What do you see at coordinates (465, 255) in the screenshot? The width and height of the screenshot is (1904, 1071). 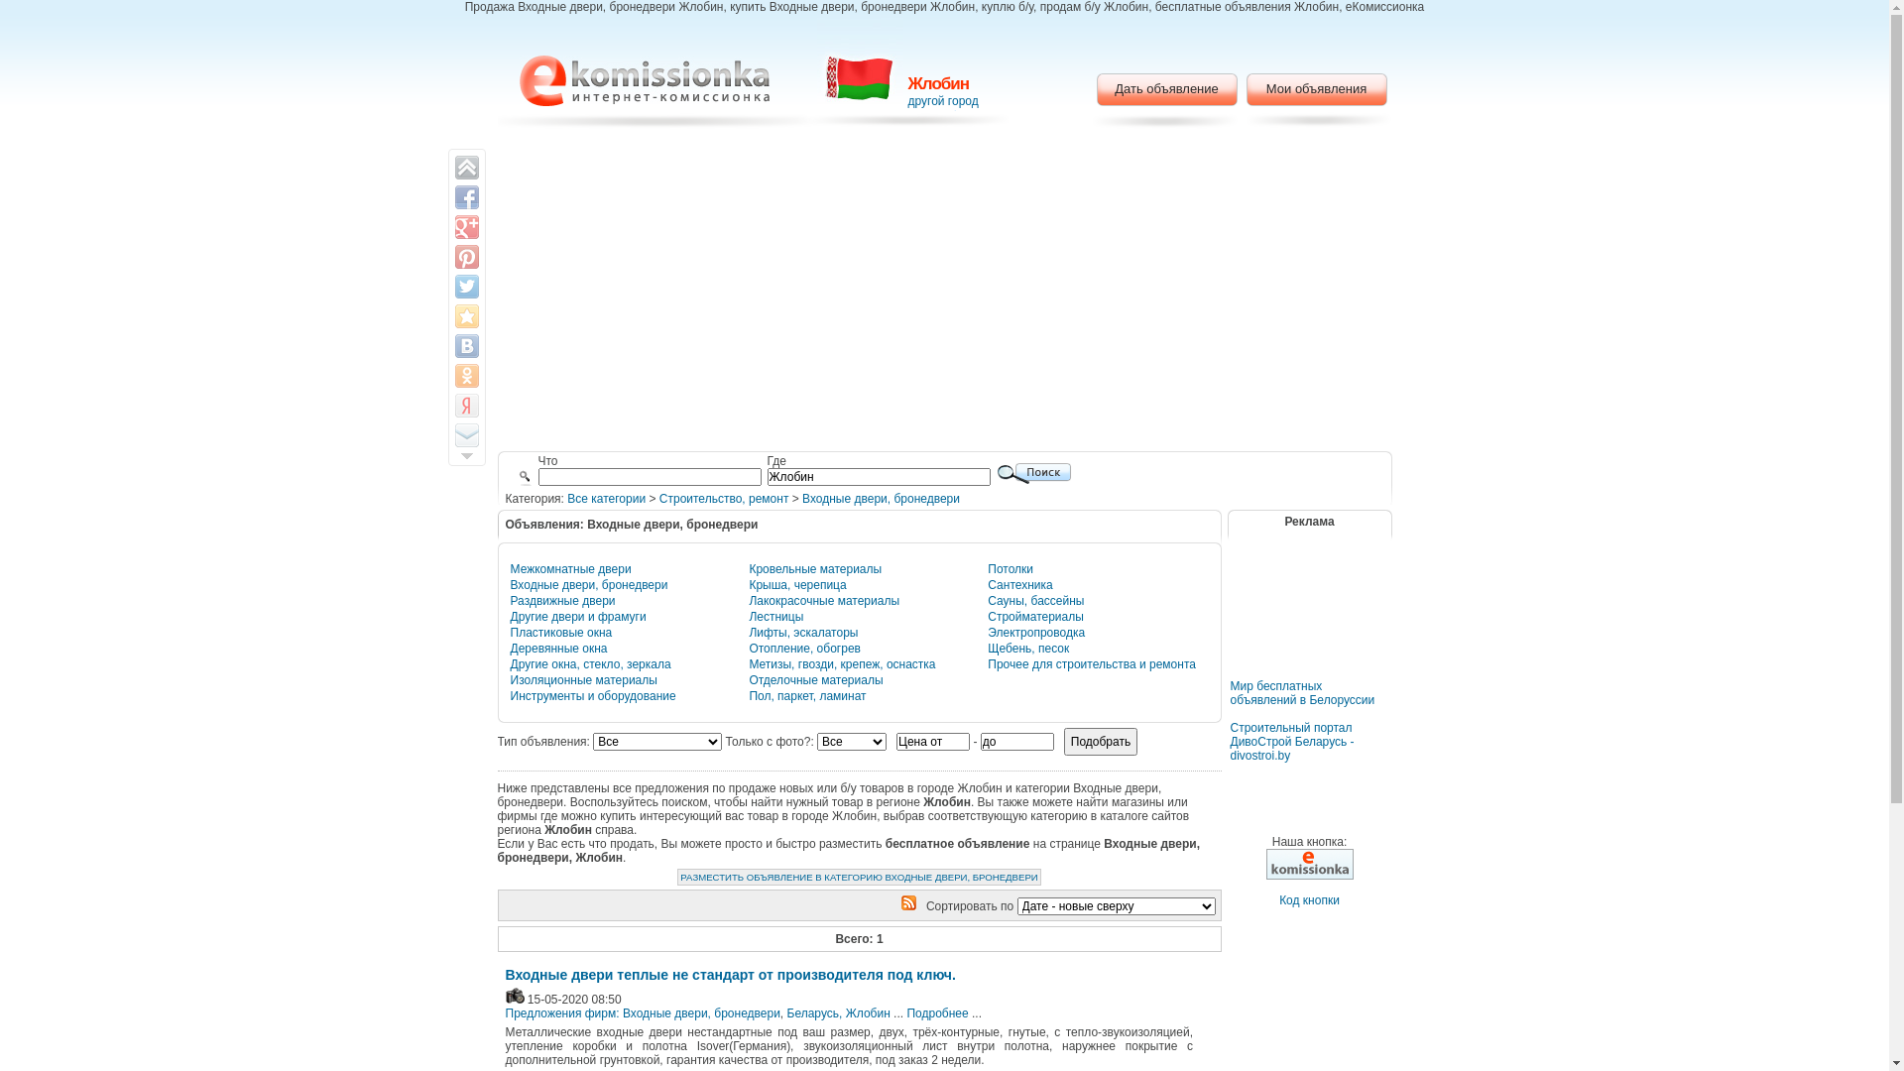 I see `'Pin It'` at bounding box center [465, 255].